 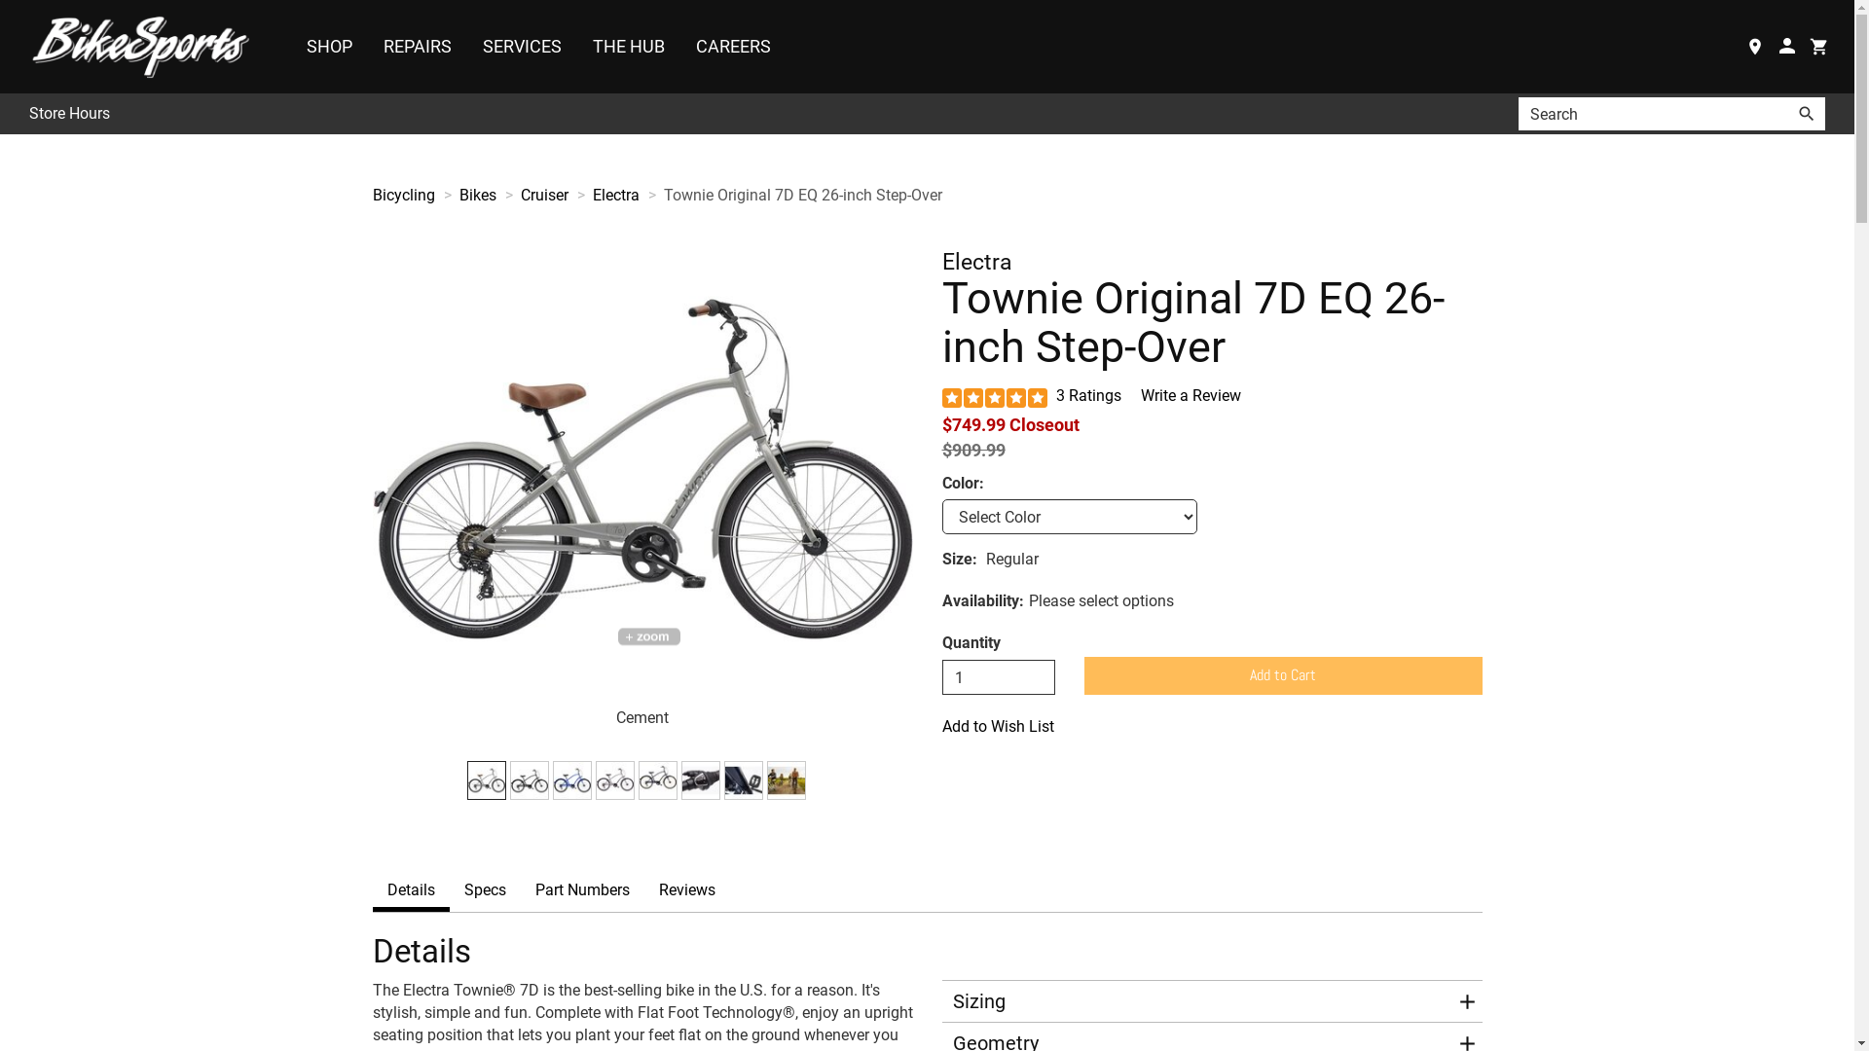 What do you see at coordinates (681, 45) in the screenshot?
I see `'CAREERS'` at bounding box center [681, 45].